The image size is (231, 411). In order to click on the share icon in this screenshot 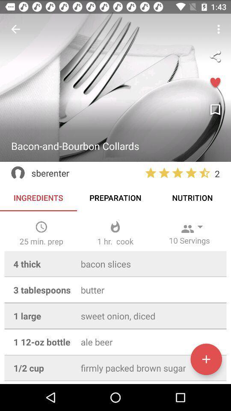, I will do `click(215, 56)`.